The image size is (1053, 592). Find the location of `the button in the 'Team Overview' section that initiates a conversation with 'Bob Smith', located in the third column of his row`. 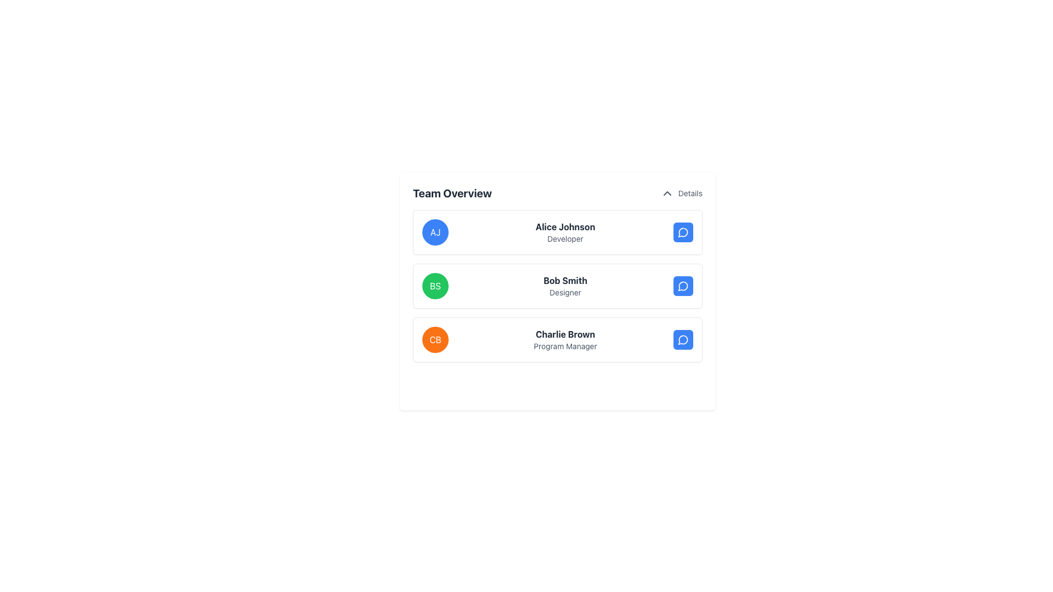

the button in the 'Team Overview' section that initiates a conversation with 'Bob Smith', located in the third column of his row is located at coordinates (683, 285).